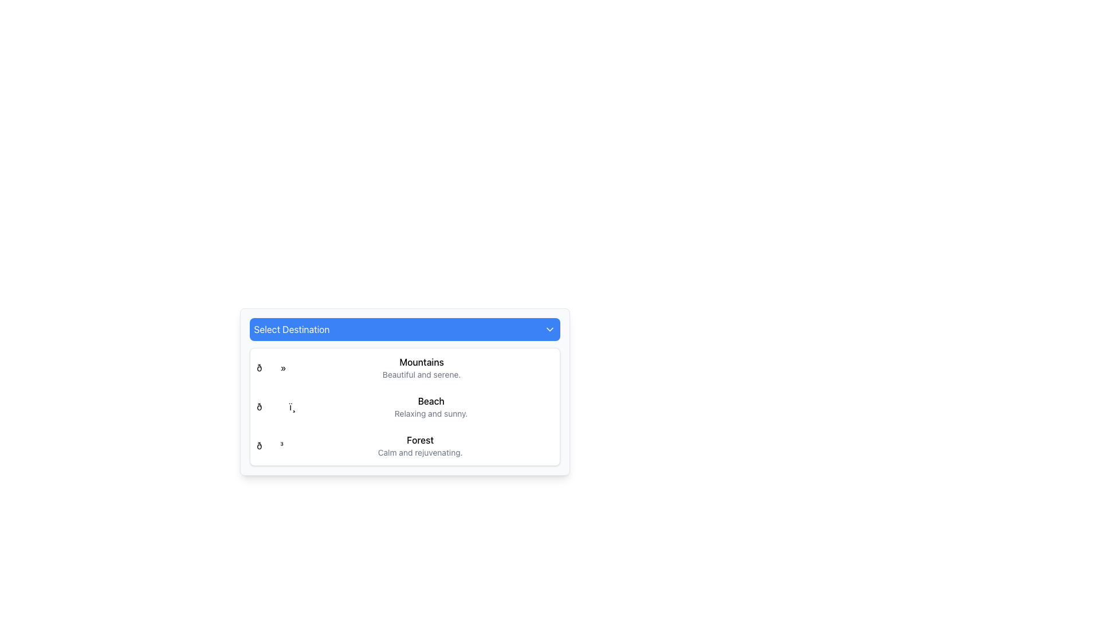  What do you see at coordinates (404, 445) in the screenshot?
I see `the 'Forest' dropdown menu option, which is the last item in the dropdown selection menu` at bounding box center [404, 445].